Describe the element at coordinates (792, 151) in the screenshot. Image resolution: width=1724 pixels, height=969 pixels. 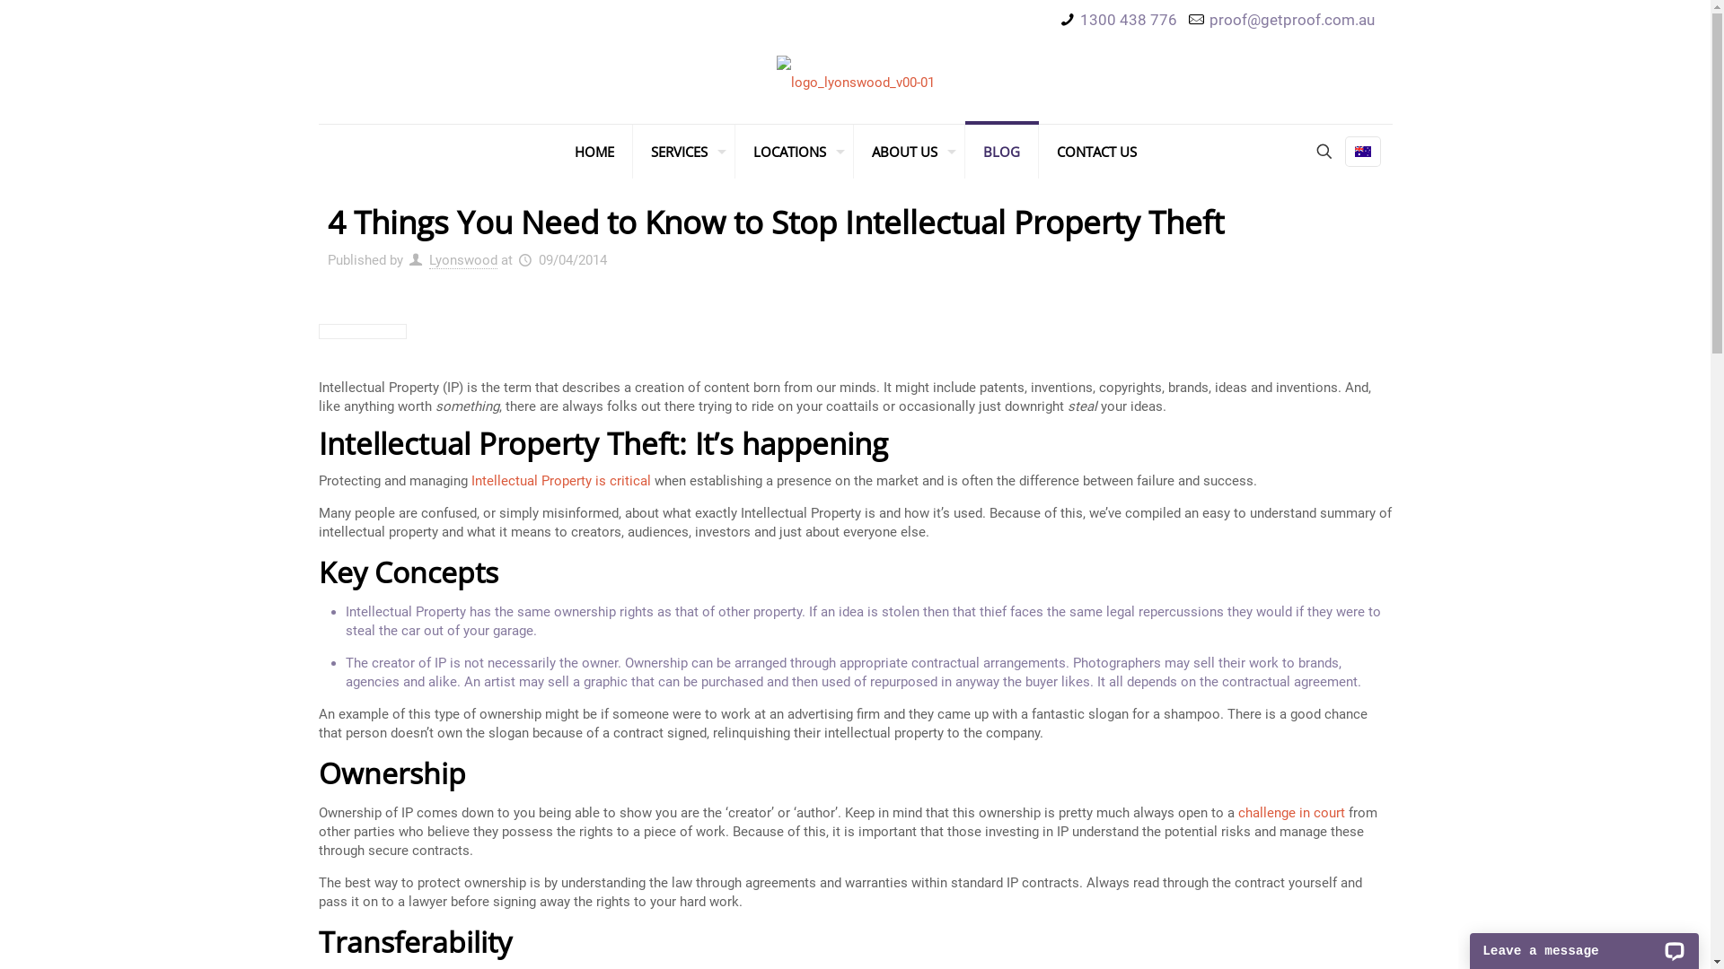
I see `'LOCATIONS'` at that location.